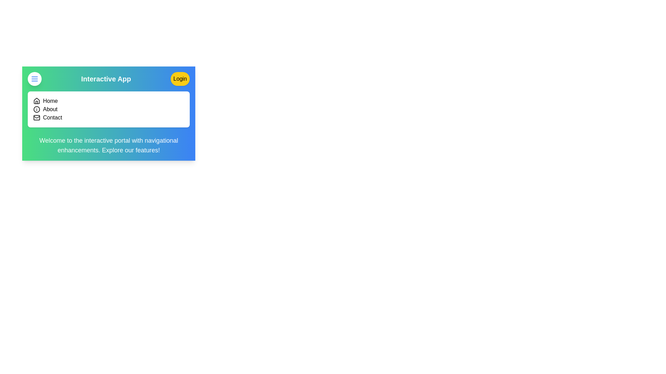 Image resolution: width=666 pixels, height=374 pixels. I want to click on the navigation link labeled Home, so click(50, 101).